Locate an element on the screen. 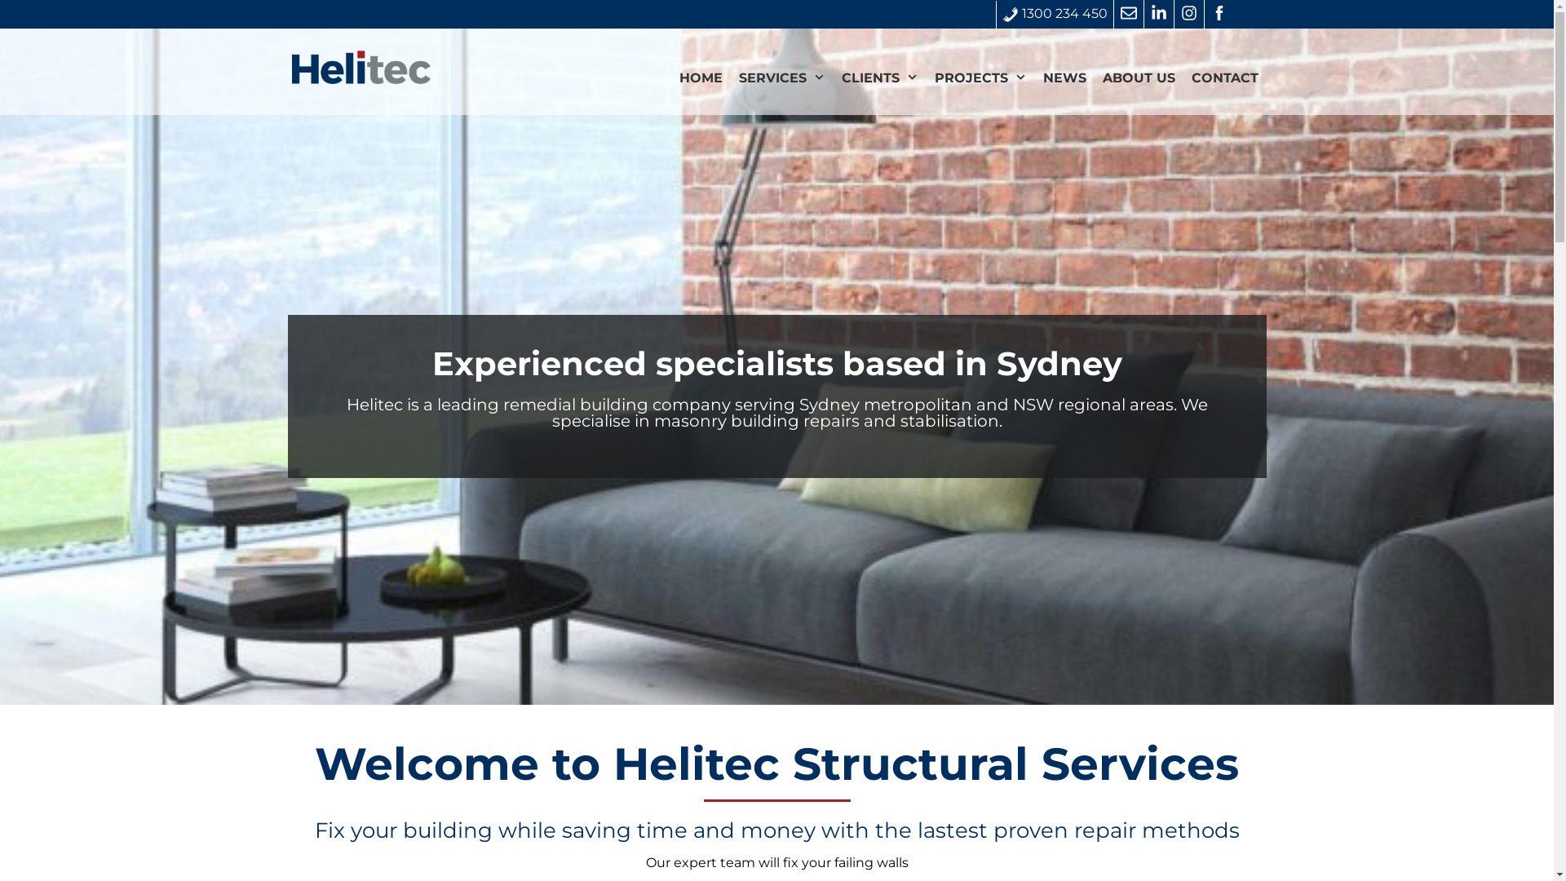 The image size is (1566, 881). 'SERVICES' is located at coordinates (781, 78).